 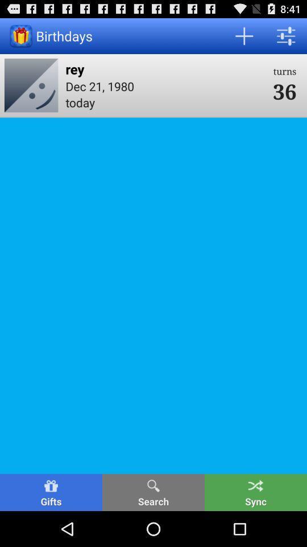 I want to click on the item below the dec 21, 1980 icon, so click(x=165, y=101).